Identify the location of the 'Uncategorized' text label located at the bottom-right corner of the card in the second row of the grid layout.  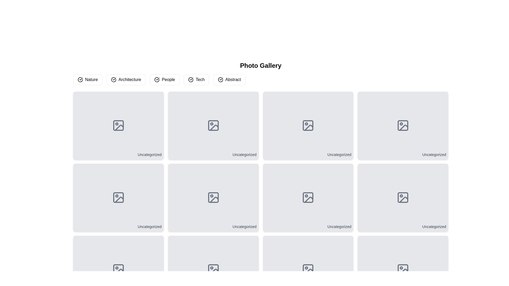
(149, 226).